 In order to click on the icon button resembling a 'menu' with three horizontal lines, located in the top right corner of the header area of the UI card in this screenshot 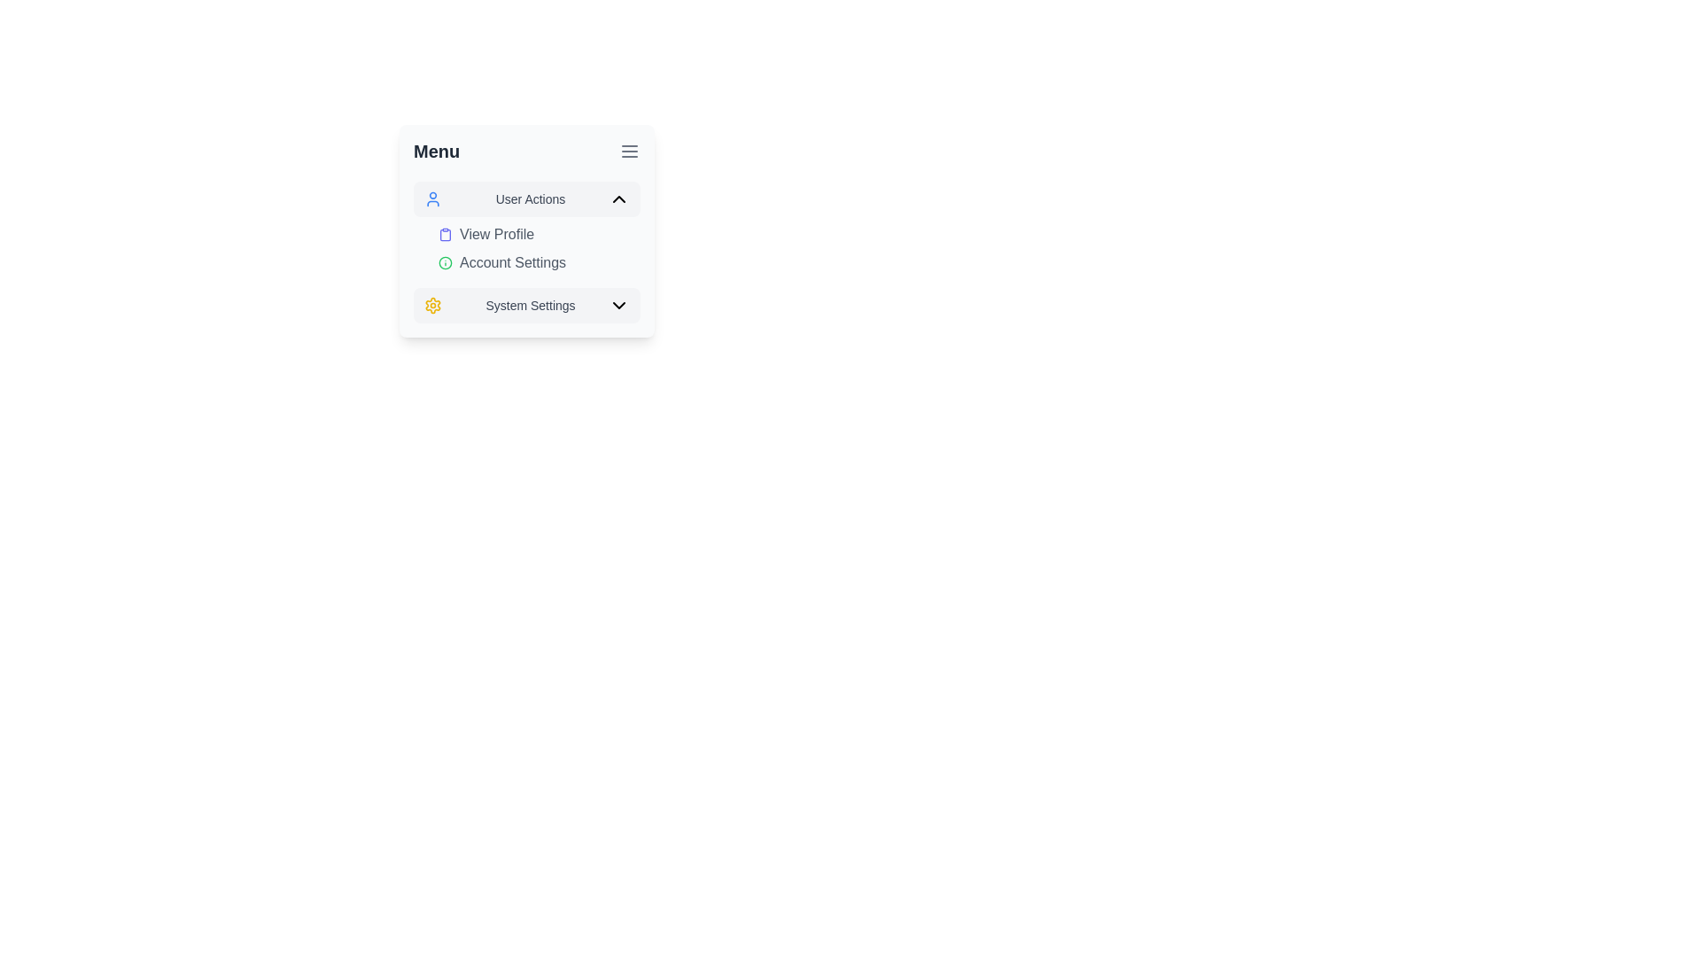, I will do `click(629, 150)`.